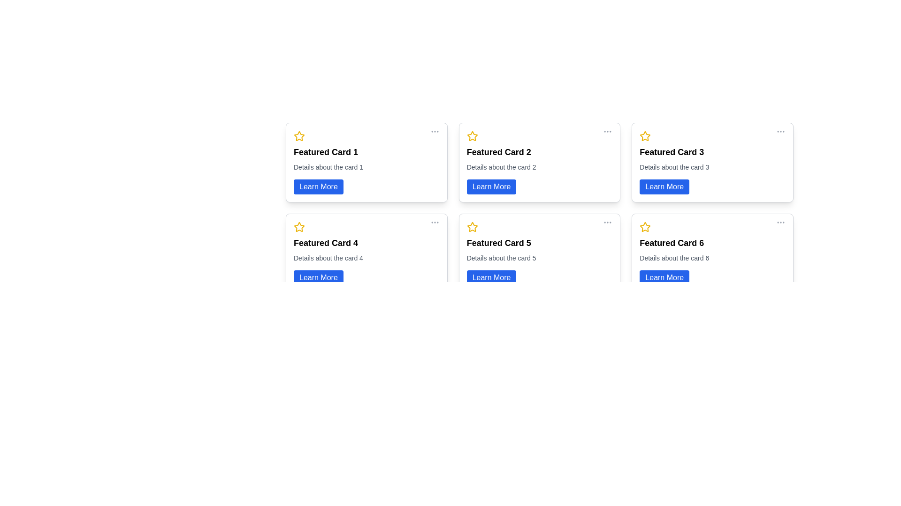  I want to click on the ellipsis icon in the top-right corner of 'Featured Card 1', so click(434, 132).